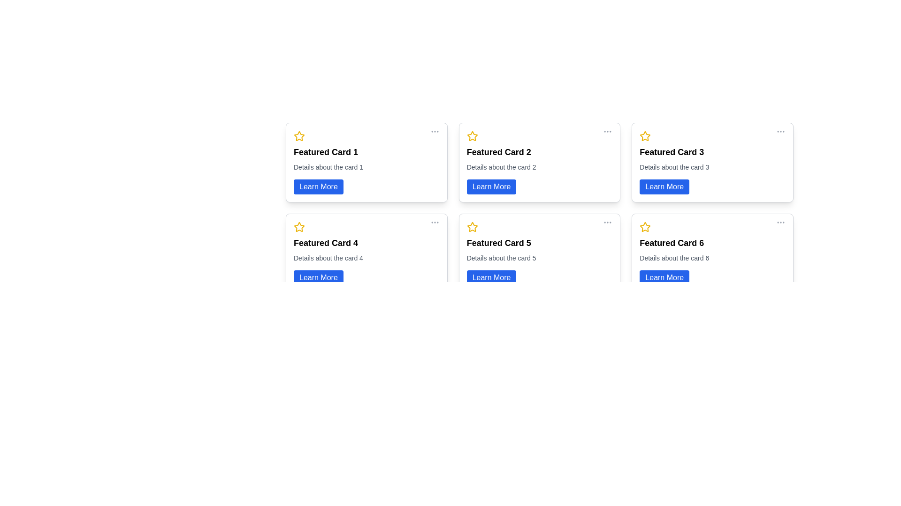  I want to click on the ellipsis icon in the top-right corner of 'Featured Card 1', so click(434, 132).